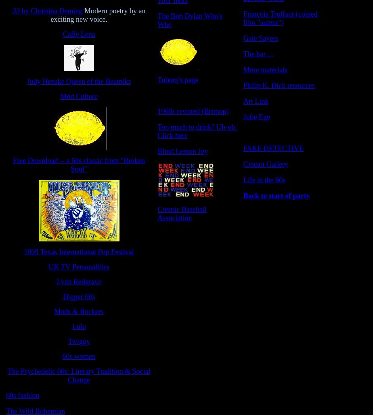 The width and height of the screenshot is (373, 415). What do you see at coordinates (79, 296) in the screenshot?
I see `'Digger 60s'` at bounding box center [79, 296].